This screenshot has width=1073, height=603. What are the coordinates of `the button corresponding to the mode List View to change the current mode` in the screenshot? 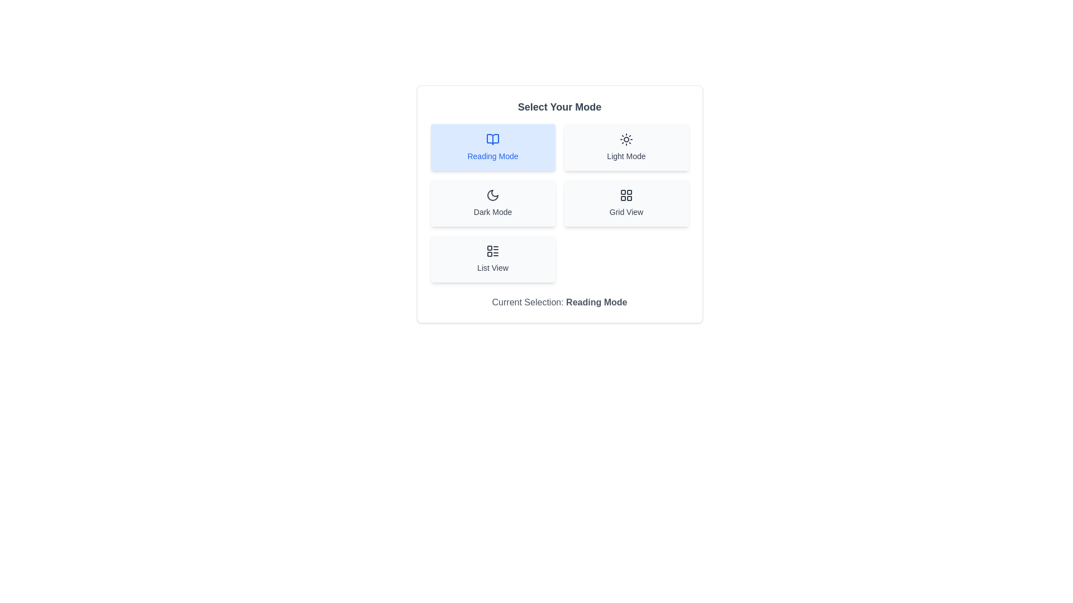 It's located at (492, 259).